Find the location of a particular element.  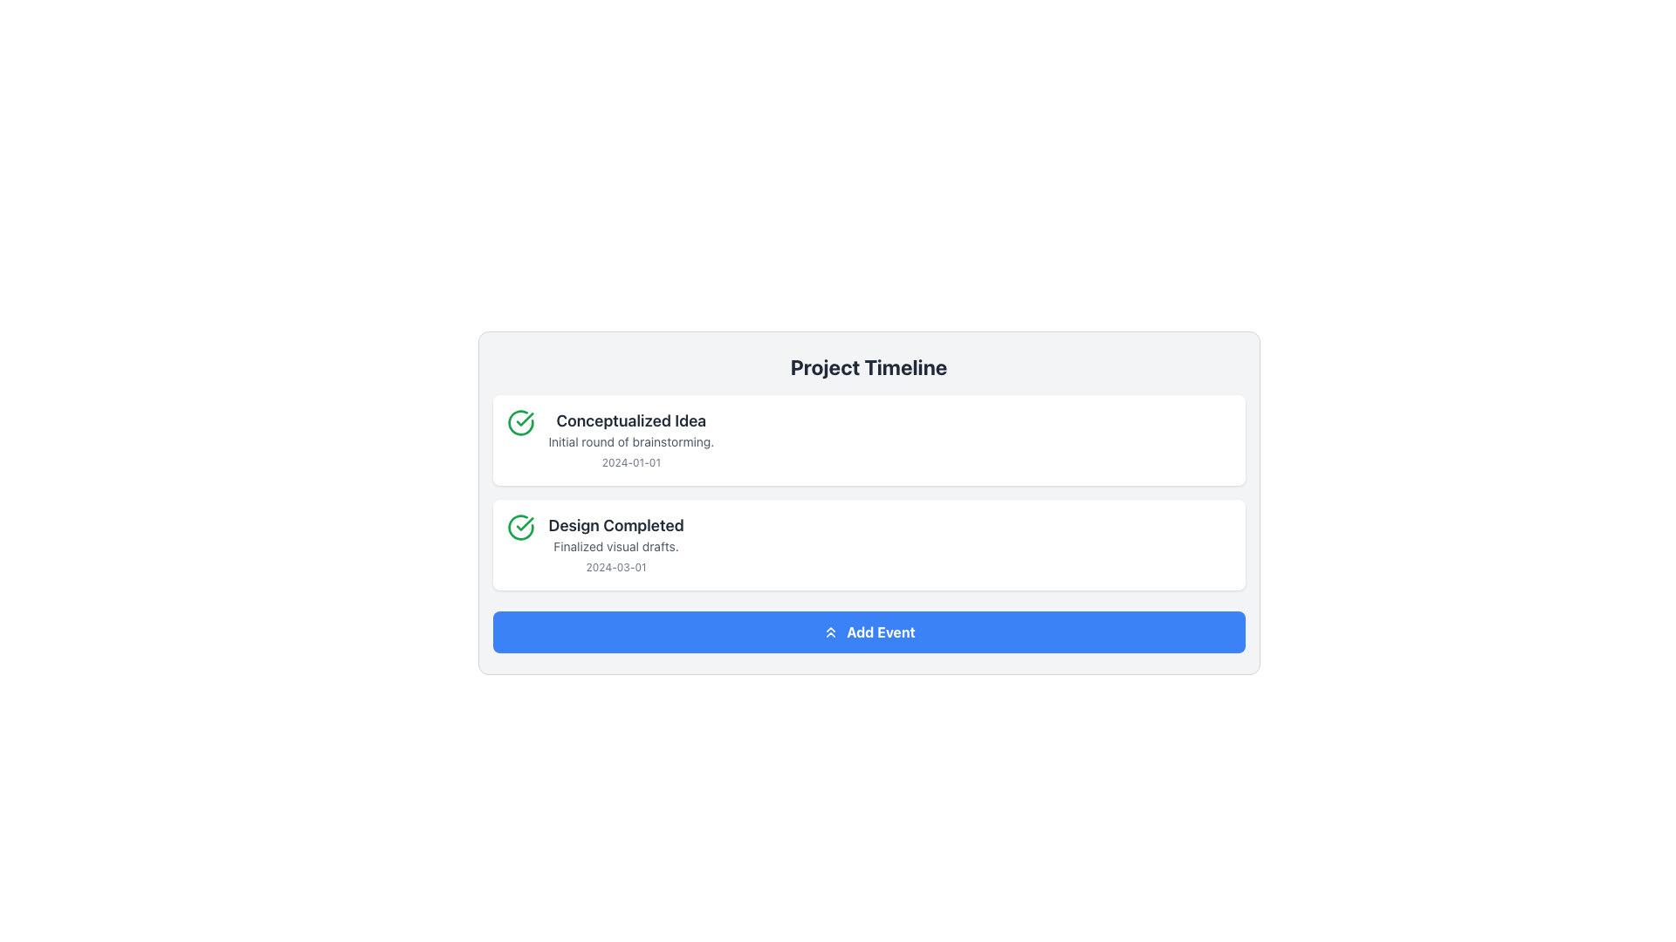

the text label that reads 'Initial round of brainstorming.' which is located below the title 'Conceptualized Idea' and above the date '2024-01-01' is located at coordinates (630, 440).